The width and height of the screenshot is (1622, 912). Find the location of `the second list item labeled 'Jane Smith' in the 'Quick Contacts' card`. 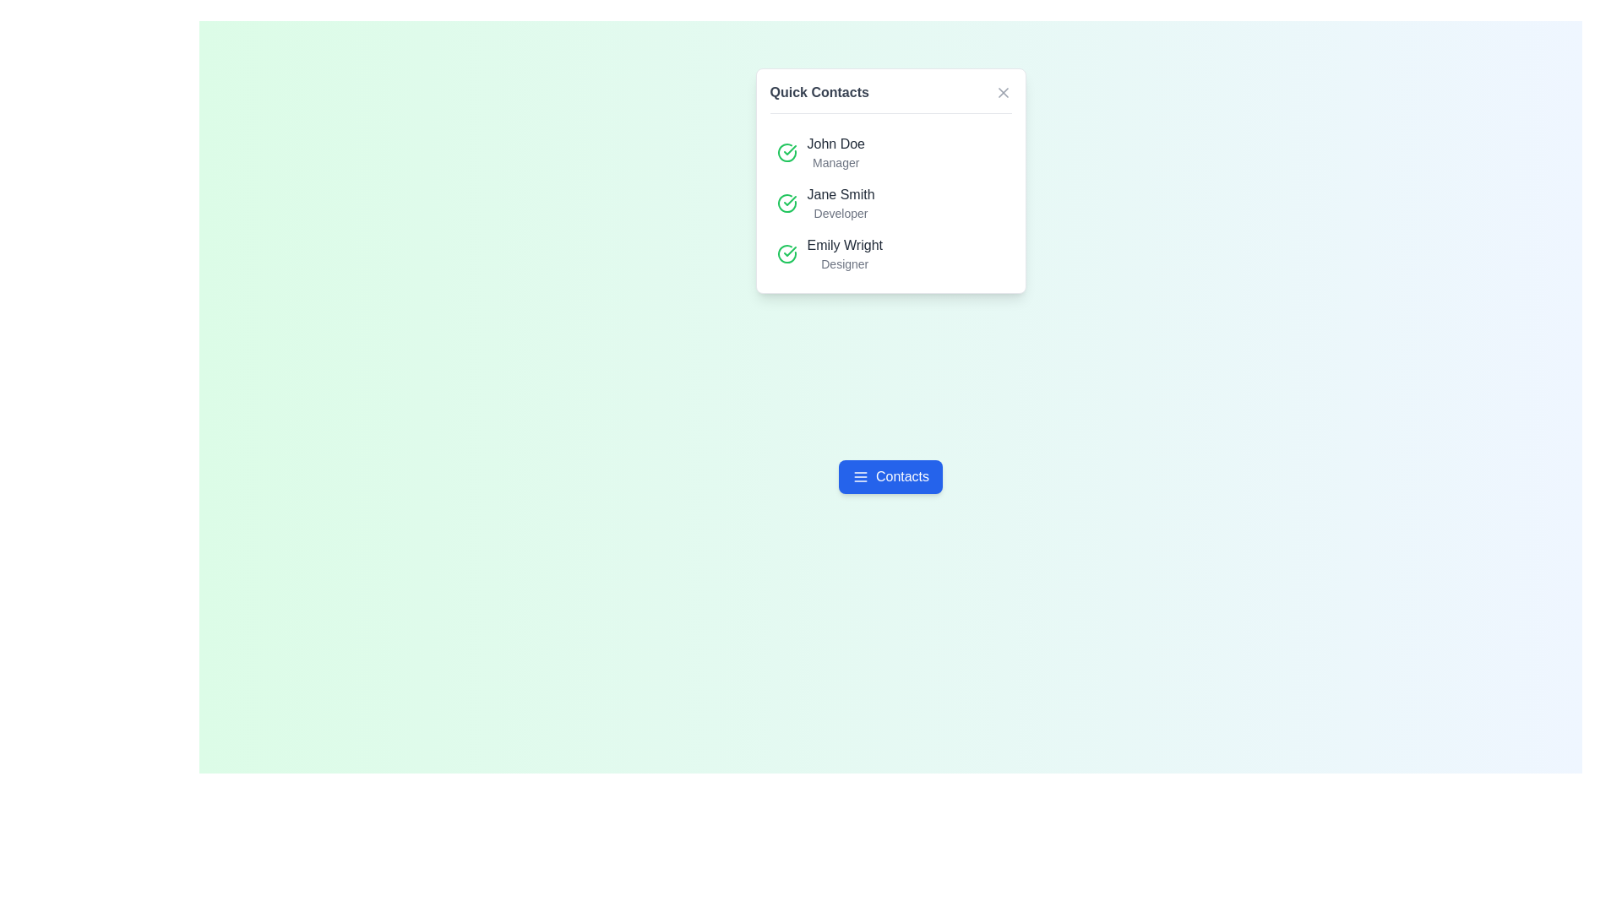

the second list item labeled 'Jane Smith' in the 'Quick Contacts' card is located at coordinates (890, 202).